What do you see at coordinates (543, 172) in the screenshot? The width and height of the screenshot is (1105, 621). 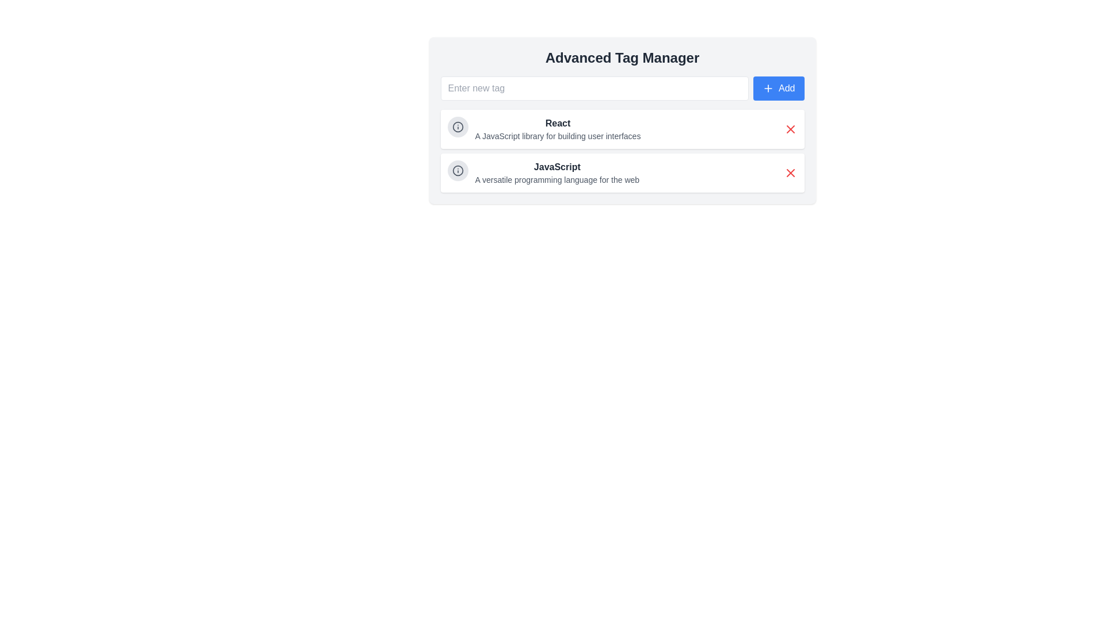 I see `the informational list item titled 'JavaScript' that describes it as 'A versatile programming language for the web'` at bounding box center [543, 172].